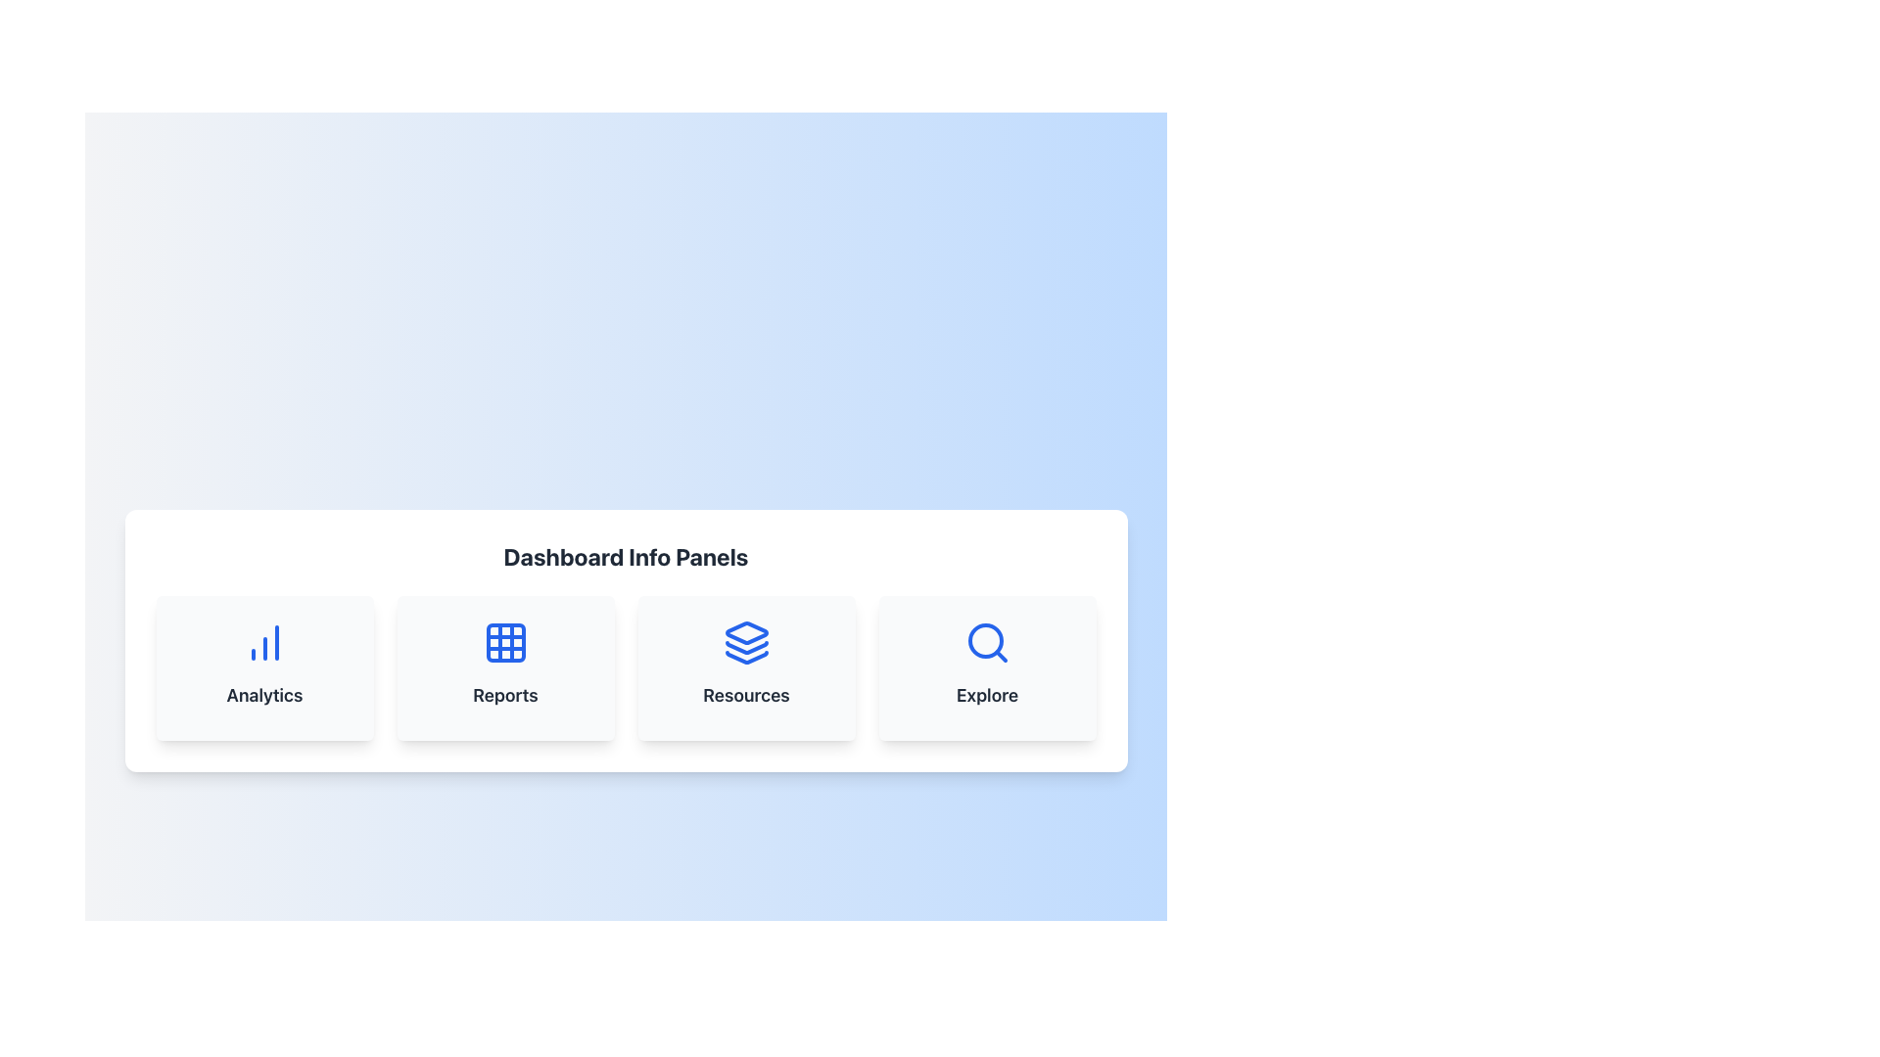 This screenshot has height=1057, width=1880. Describe the element at coordinates (985, 641) in the screenshot. I see `the SVG Circle element that represents the lens of the magnifying glass in the Dashboard Info Panels, which is the fourth icon from the left` at that location.